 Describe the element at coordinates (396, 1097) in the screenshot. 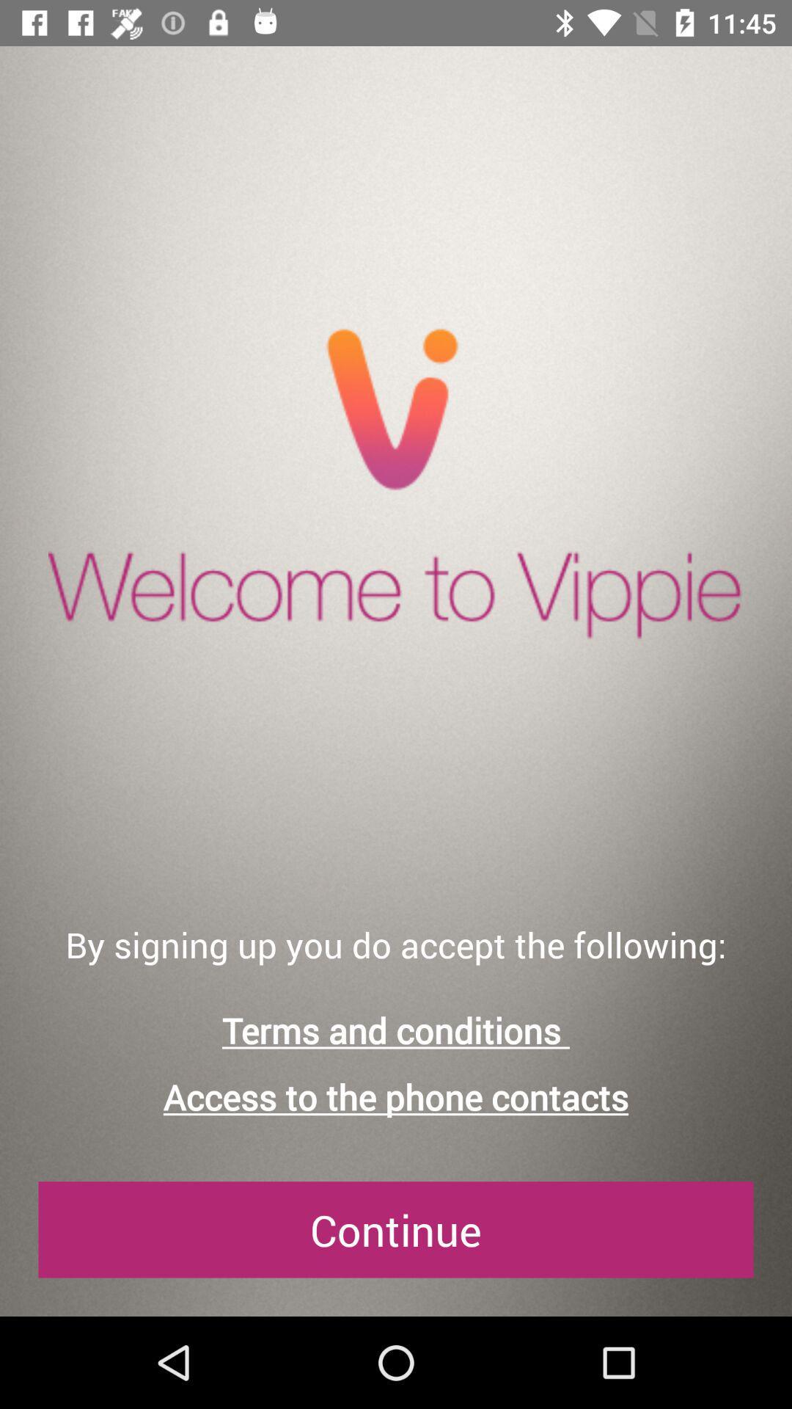

I see `access to the icon` at that location.